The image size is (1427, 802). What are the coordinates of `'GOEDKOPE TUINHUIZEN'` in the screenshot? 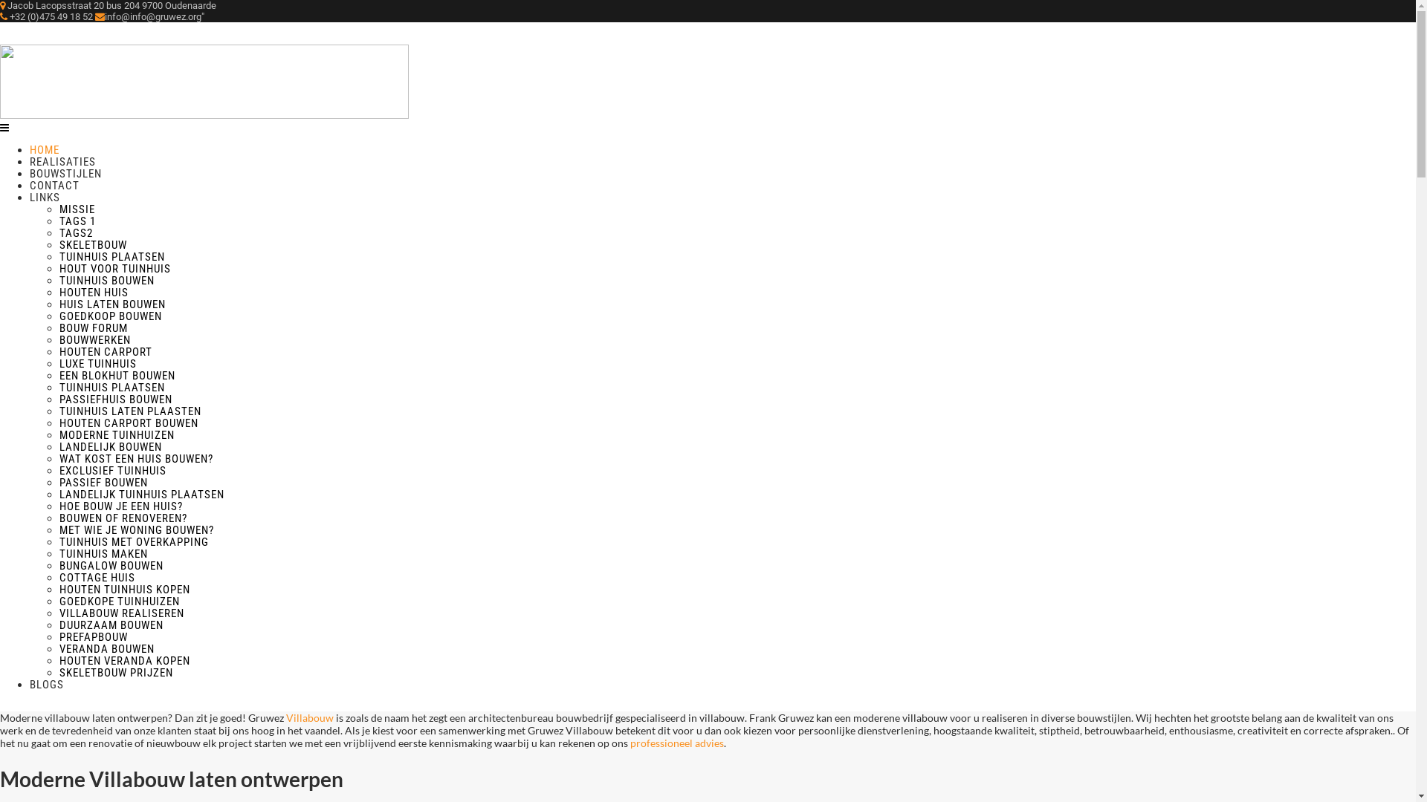 It's located at (120, 601).